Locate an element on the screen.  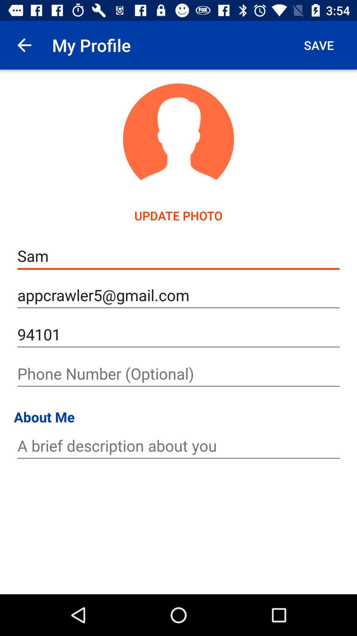
icon above the sam icon is located at coordinates (24, 45).